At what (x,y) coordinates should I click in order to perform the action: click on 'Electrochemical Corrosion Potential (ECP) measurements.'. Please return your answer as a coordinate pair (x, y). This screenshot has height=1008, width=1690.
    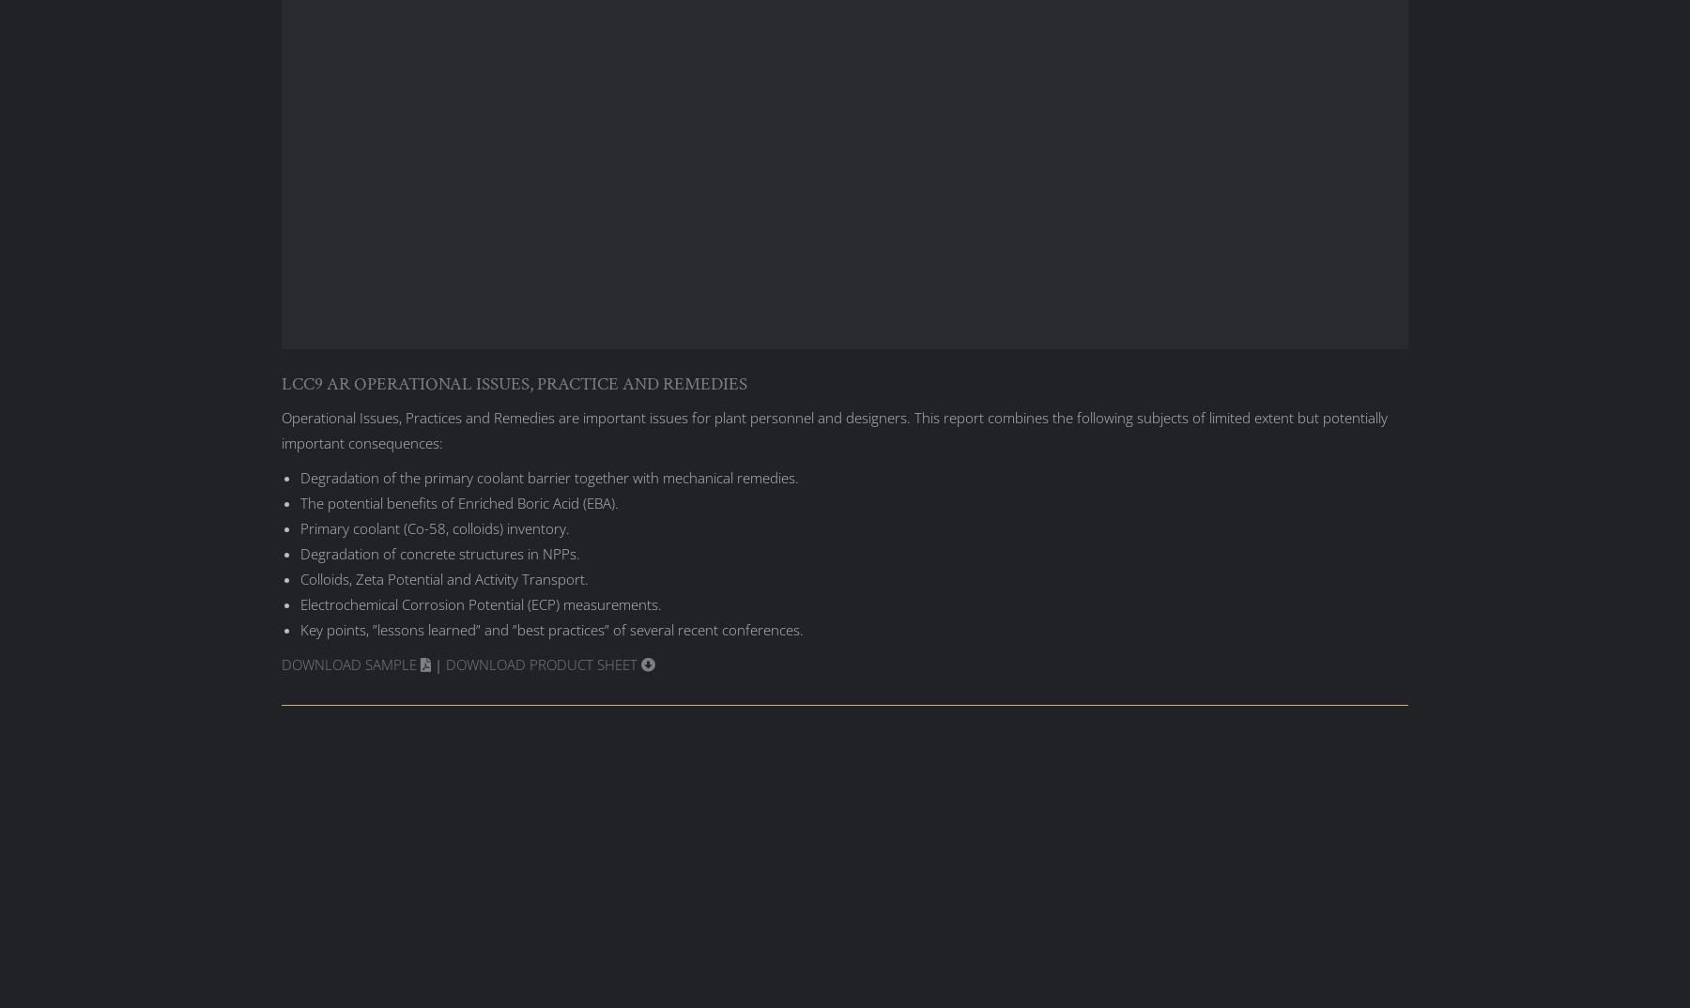
    Looking at the image, I should click on (480, 603).